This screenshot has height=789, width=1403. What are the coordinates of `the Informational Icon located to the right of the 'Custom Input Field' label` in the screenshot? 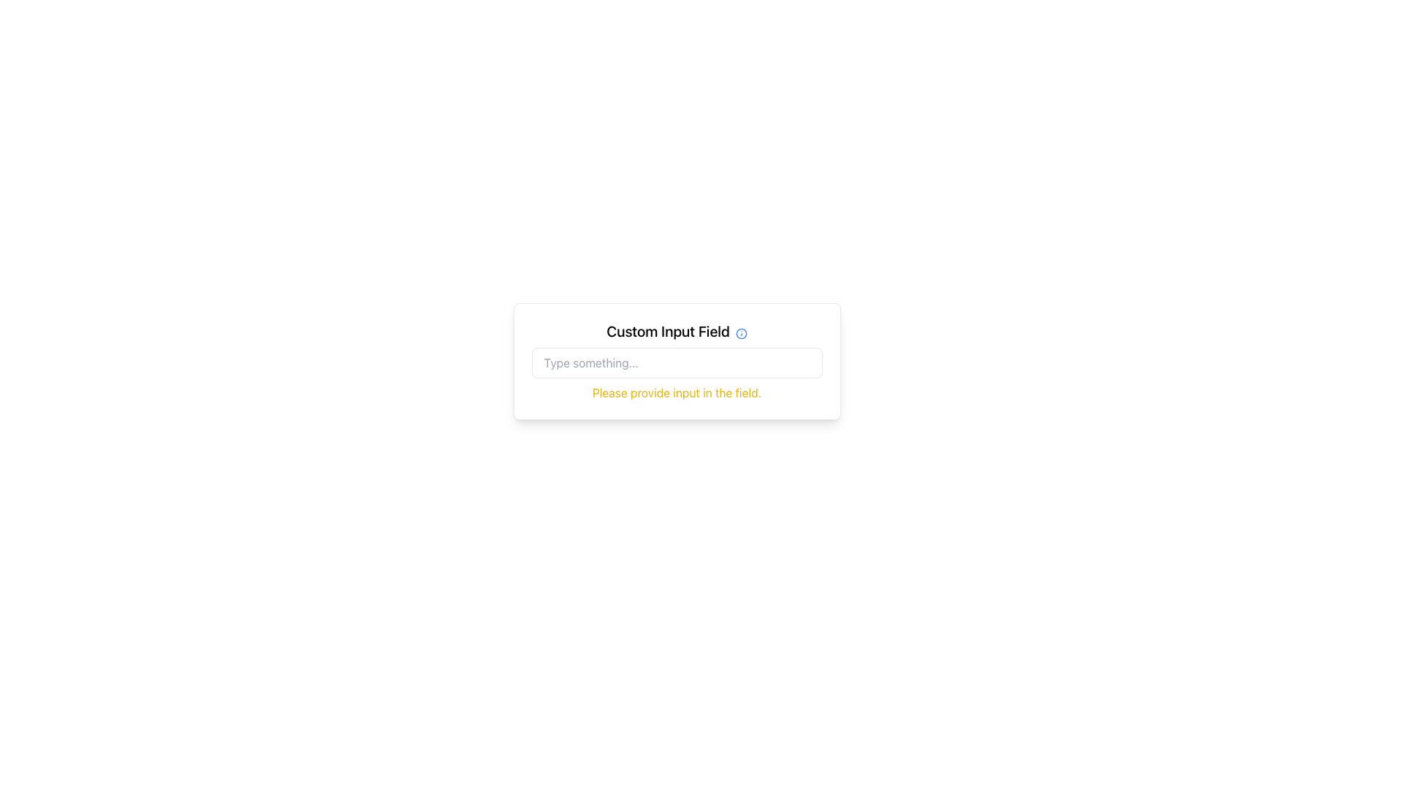 It's located at (741, 331).